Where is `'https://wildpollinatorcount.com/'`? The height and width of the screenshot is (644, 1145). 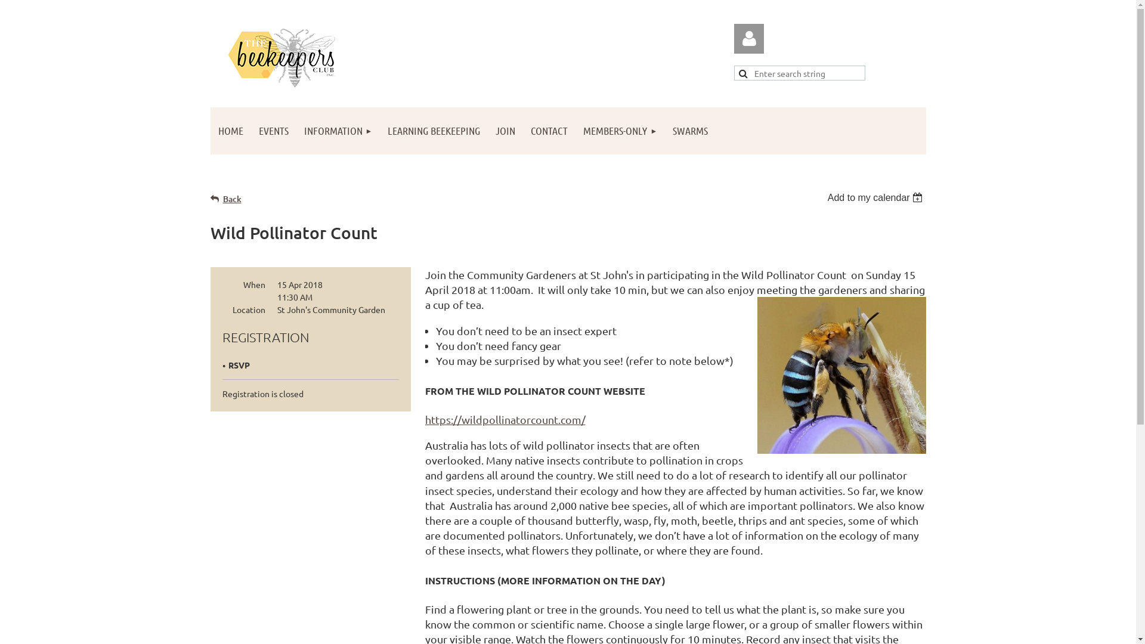
'https://wildpollinatorcount.com/' is located at coordinates (505, 419).